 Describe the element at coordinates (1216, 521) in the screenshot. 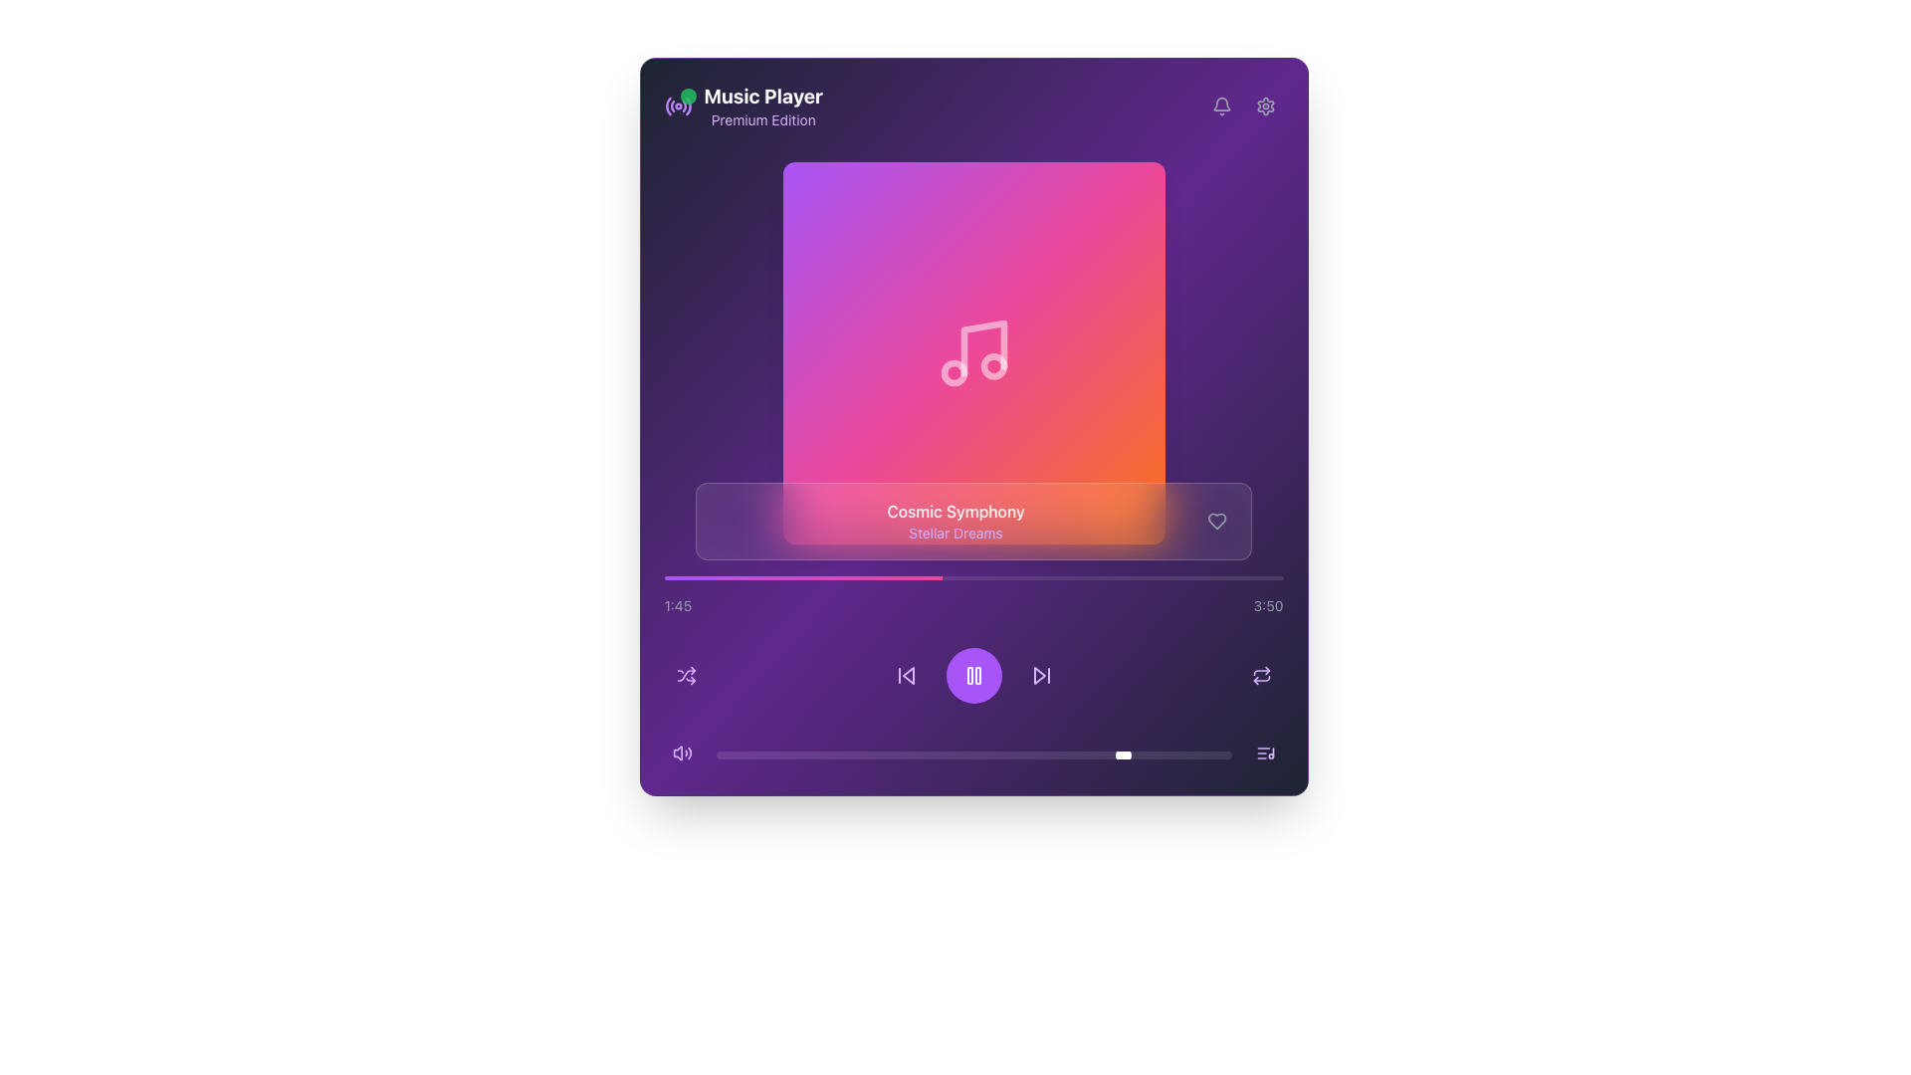

I see `the heart-shaped icon button at the right edge of the player's info box` at that location.